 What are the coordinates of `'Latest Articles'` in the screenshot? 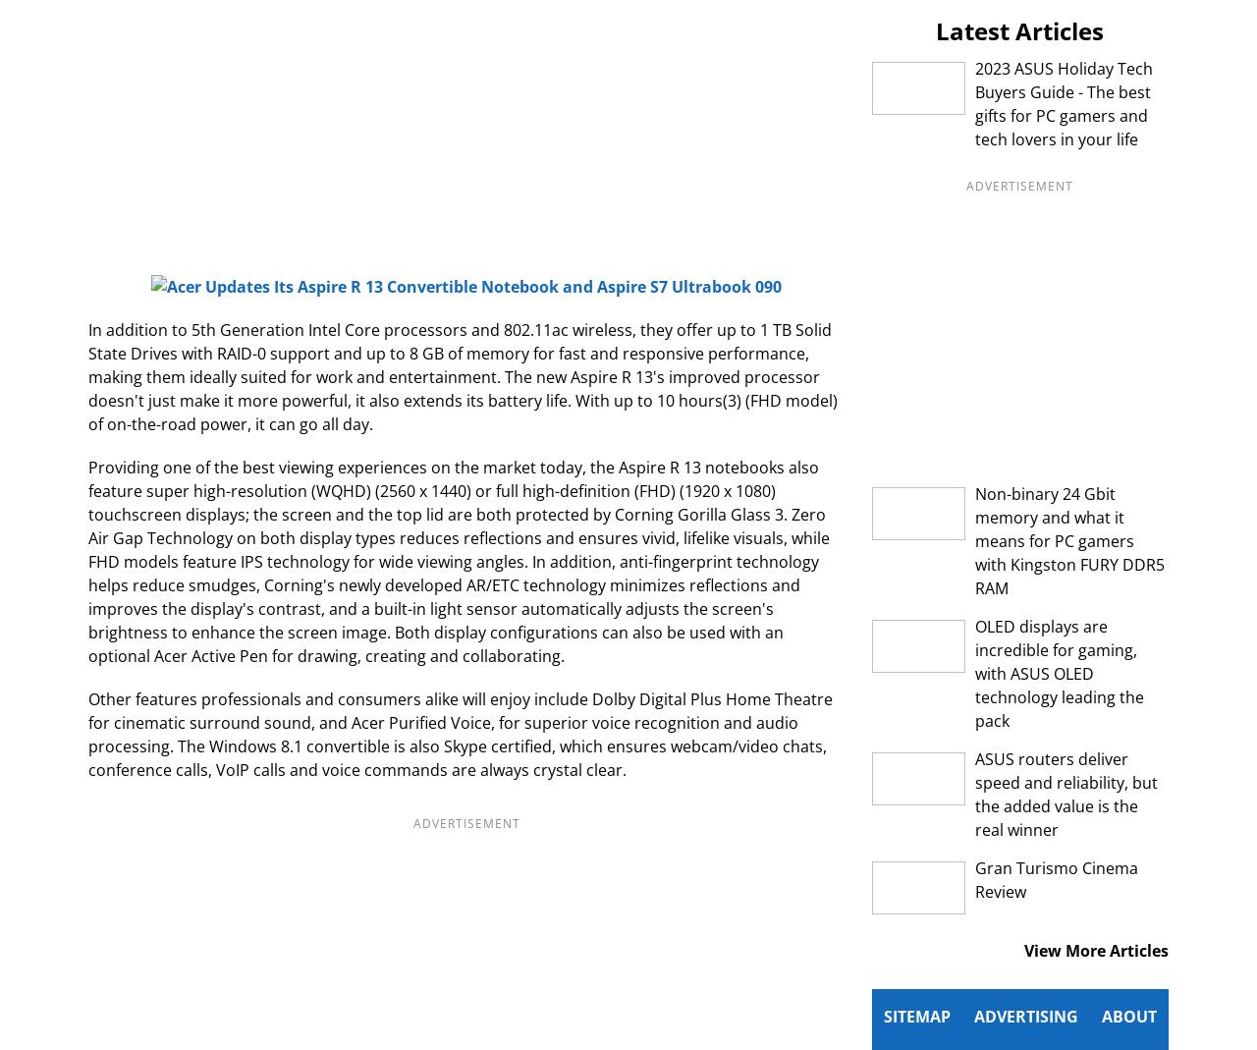 It's located at (934, 29).